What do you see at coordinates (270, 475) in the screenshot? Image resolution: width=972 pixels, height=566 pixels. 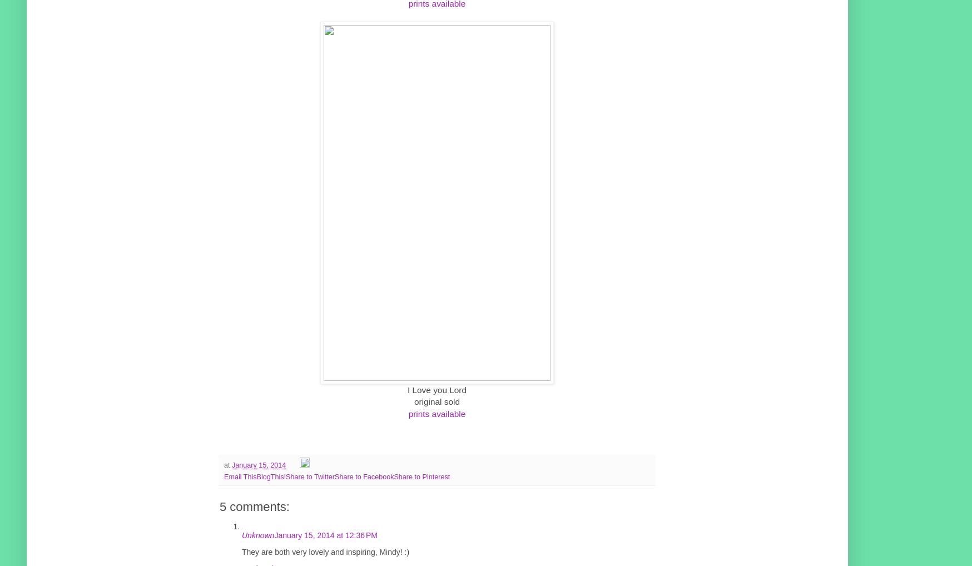 I see `'BlogThis!'` at bounding box center [270, 475].